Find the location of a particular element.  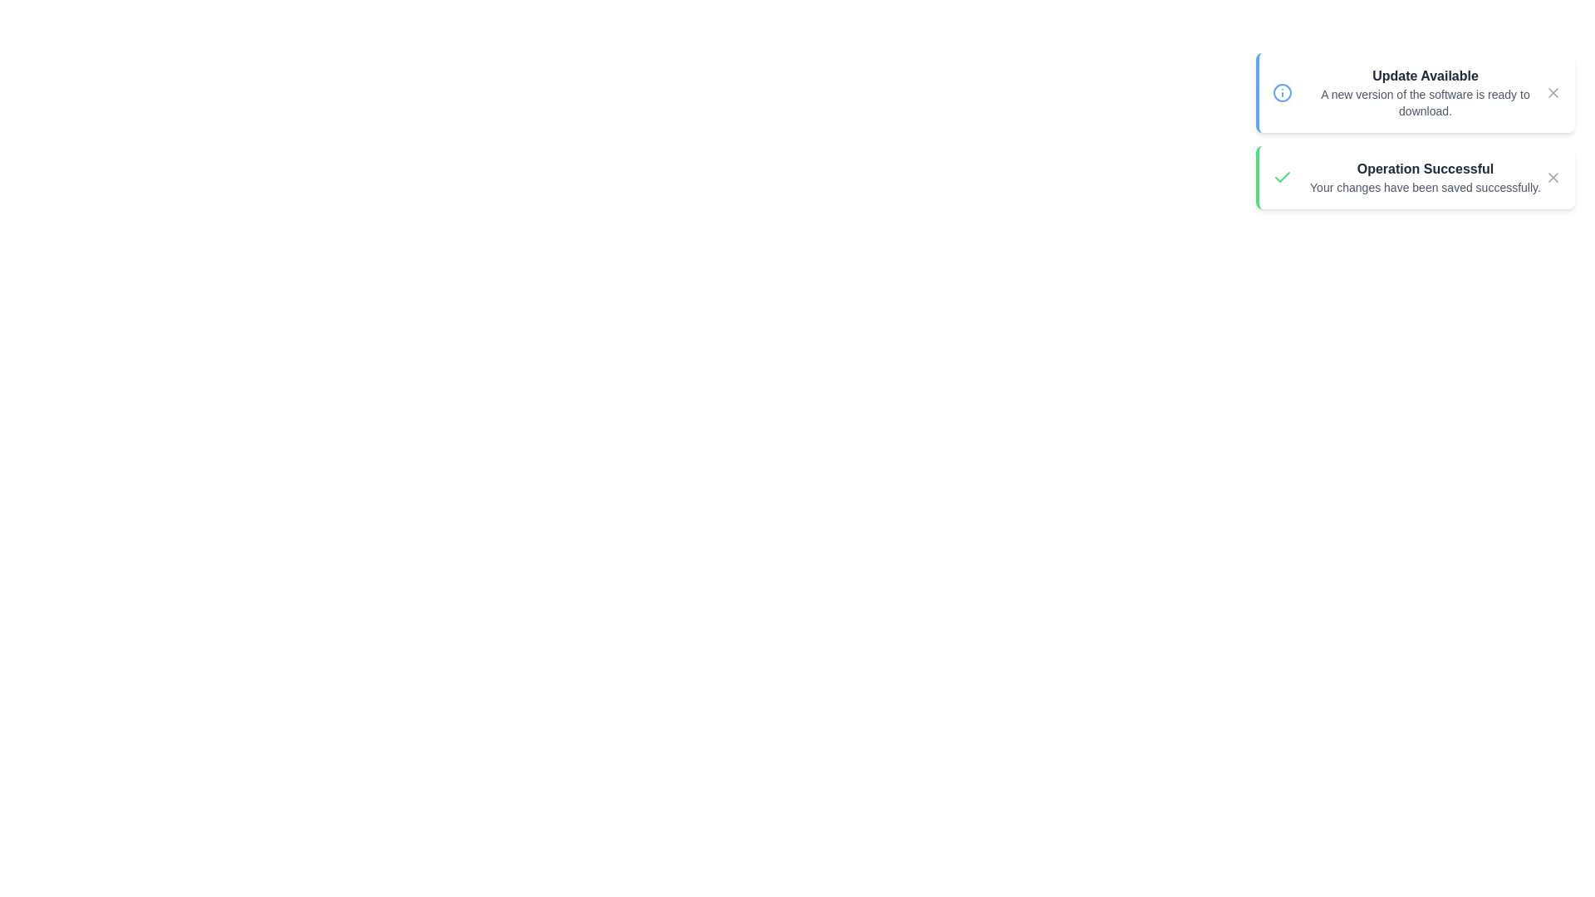

the close or dismiss button located in the top-right corner of the 'Operation Successful' notification is located at coordinates (1553, 177).